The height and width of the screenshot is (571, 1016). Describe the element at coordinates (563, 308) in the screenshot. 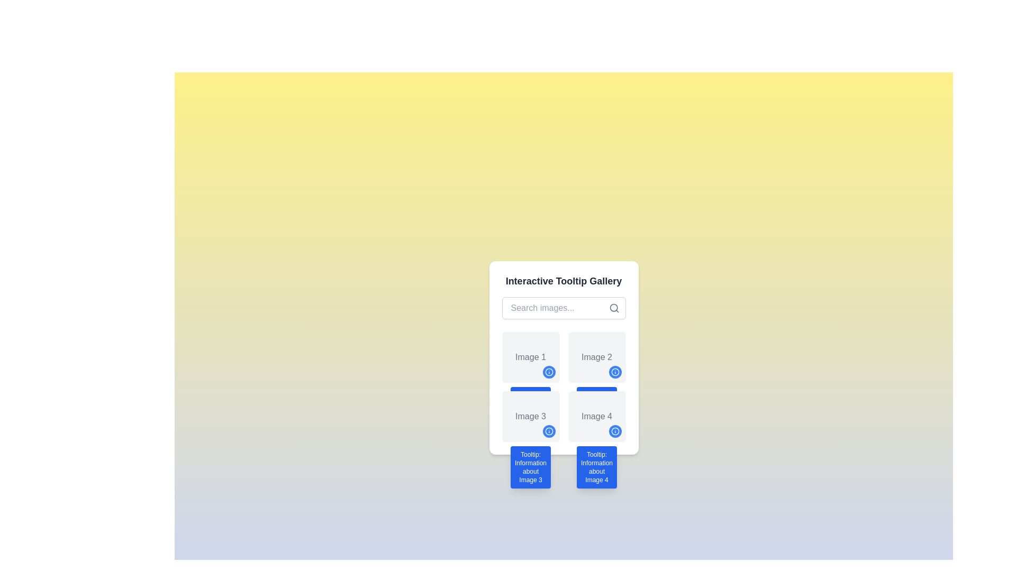

I see `the magnifying glass icon located to the right of the search input box with placeholder text 'Search images...' in the 'Interactive Tooltip Gallery' card` at that location.